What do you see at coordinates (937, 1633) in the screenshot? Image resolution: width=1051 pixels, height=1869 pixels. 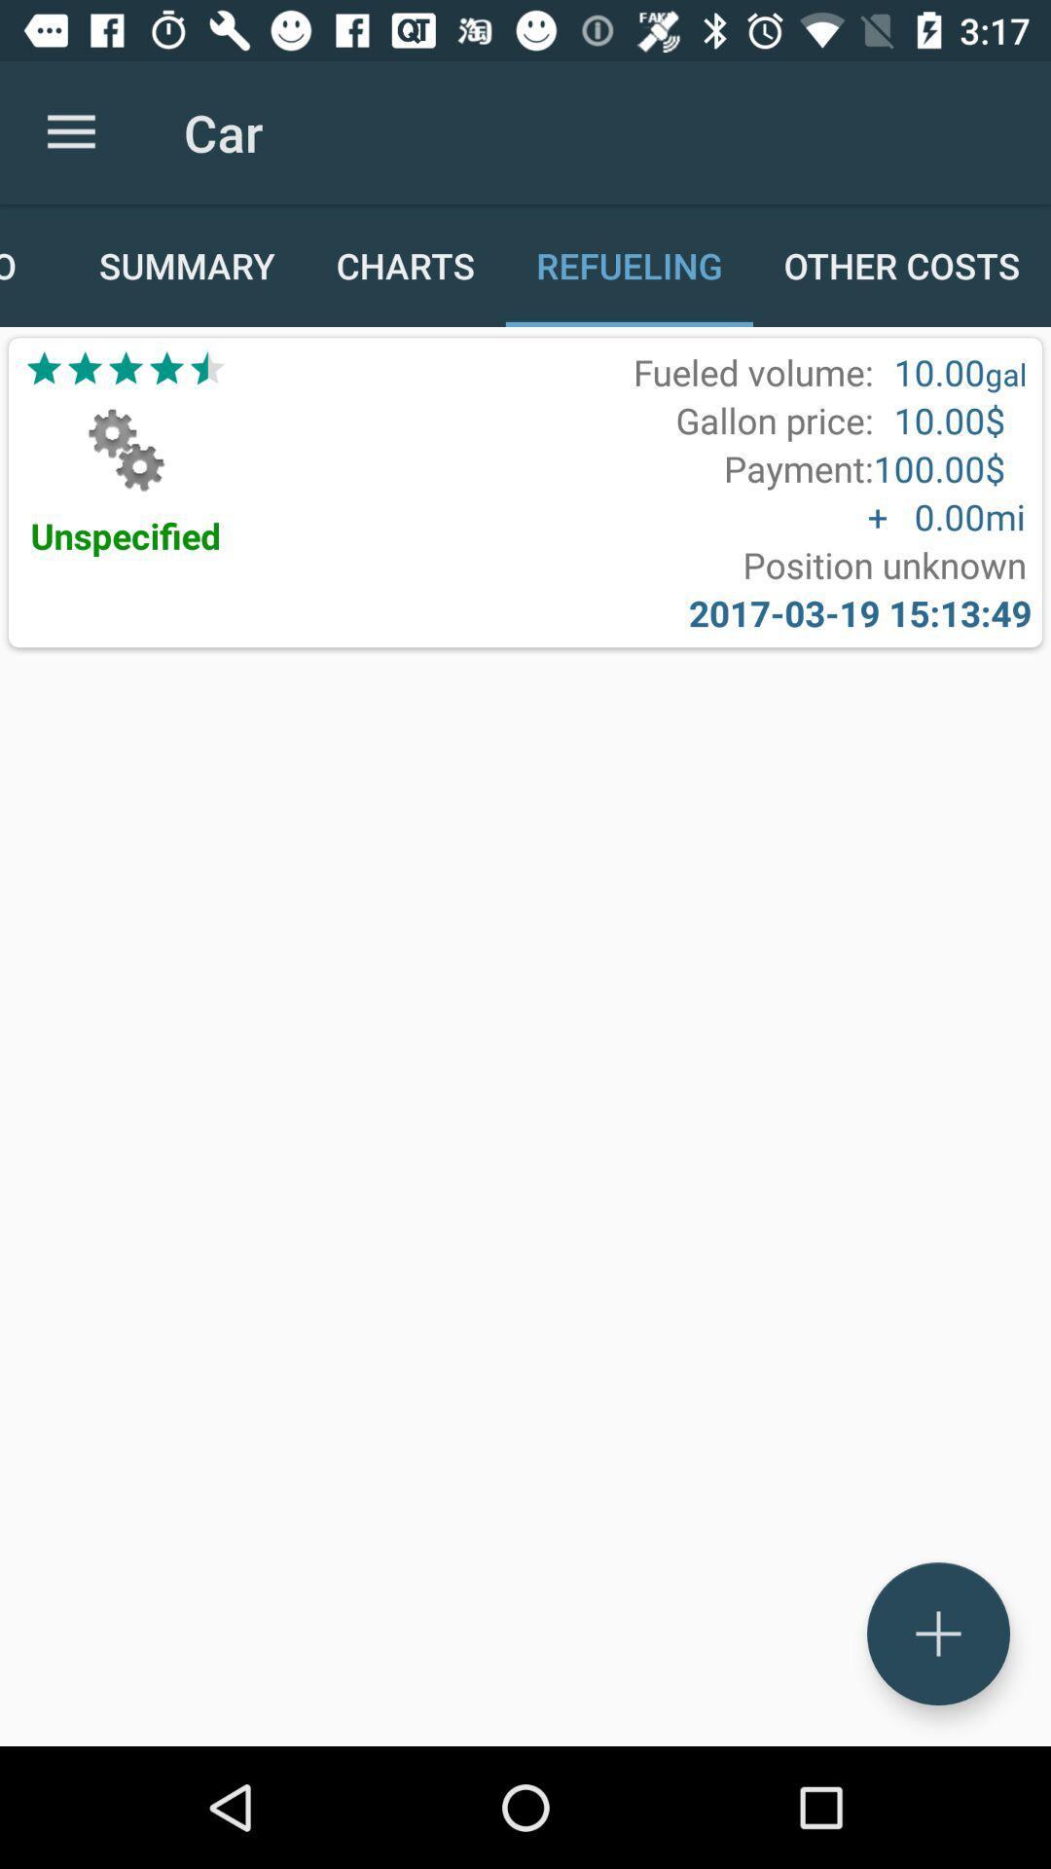 I see `fuel visit` at bounding box center [937, 1633].